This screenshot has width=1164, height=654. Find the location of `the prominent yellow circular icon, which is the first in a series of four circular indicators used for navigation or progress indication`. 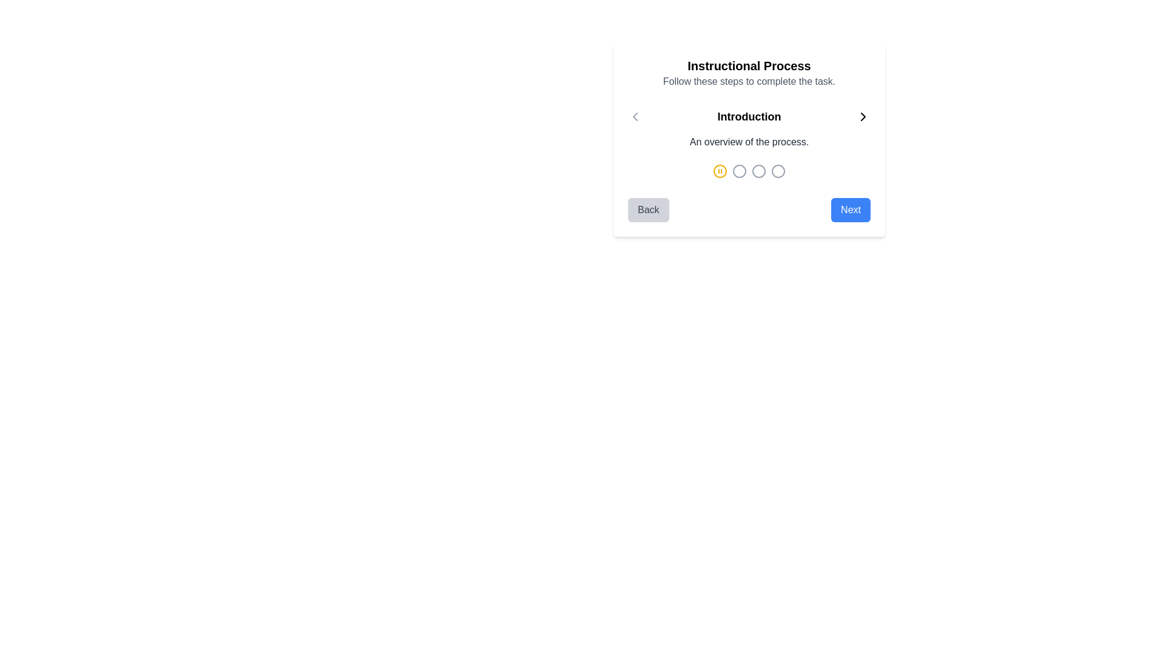

the prominent yellow circular icon, which is the first in a series of four circular indicators used for navigation or progress indication is located at coordinates (720, 171).